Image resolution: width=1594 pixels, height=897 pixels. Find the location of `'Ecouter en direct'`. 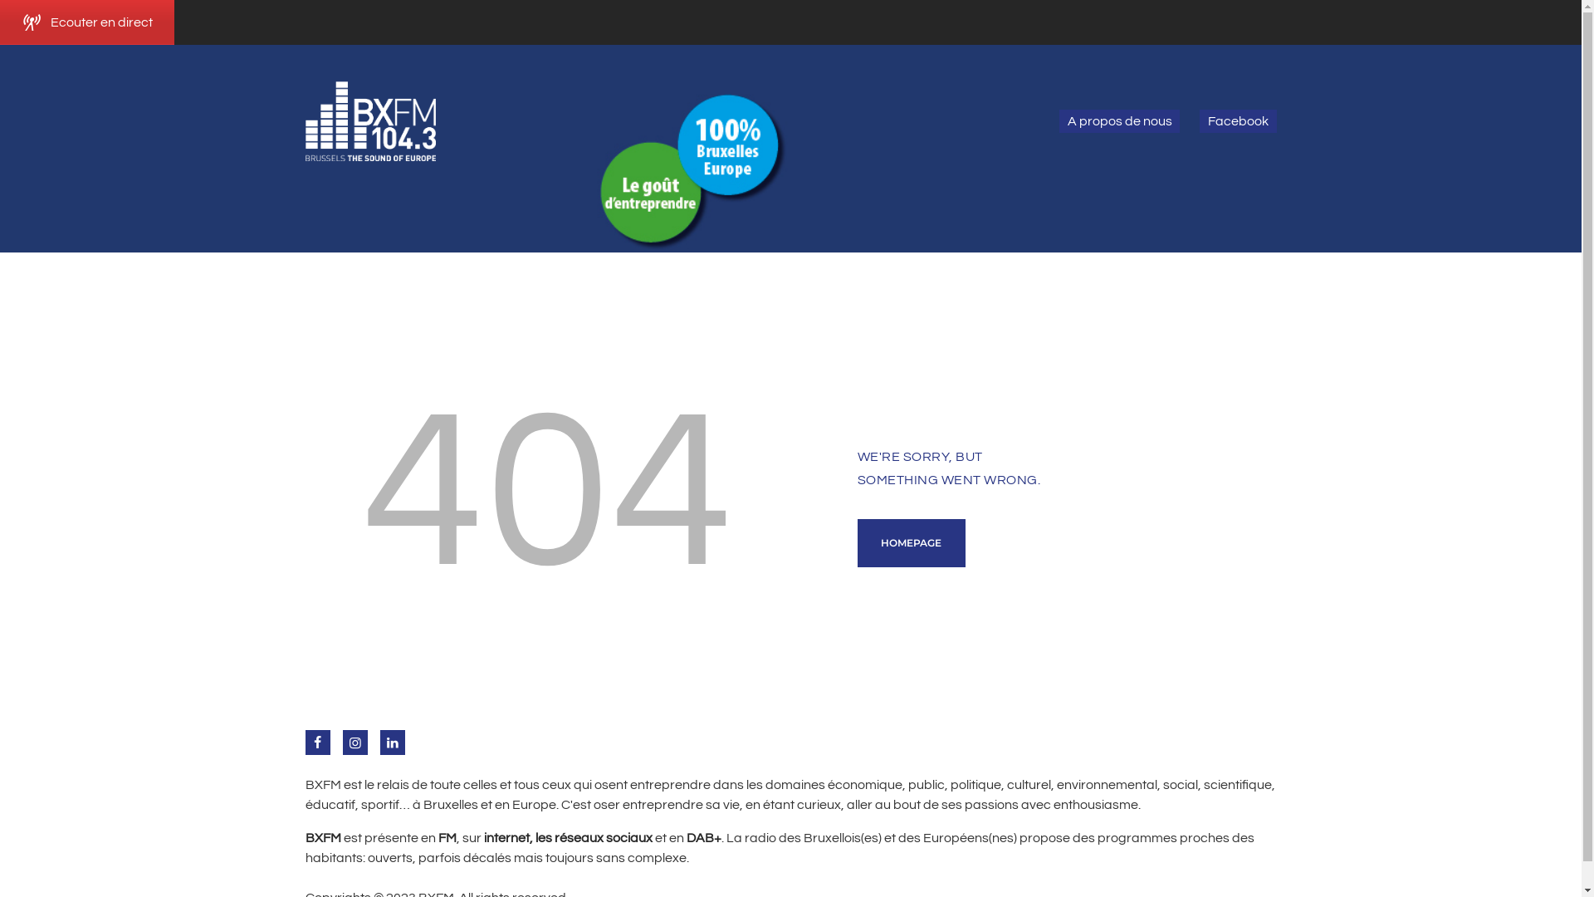

'Ecouter en direct' is located at coordinates (86, 22).